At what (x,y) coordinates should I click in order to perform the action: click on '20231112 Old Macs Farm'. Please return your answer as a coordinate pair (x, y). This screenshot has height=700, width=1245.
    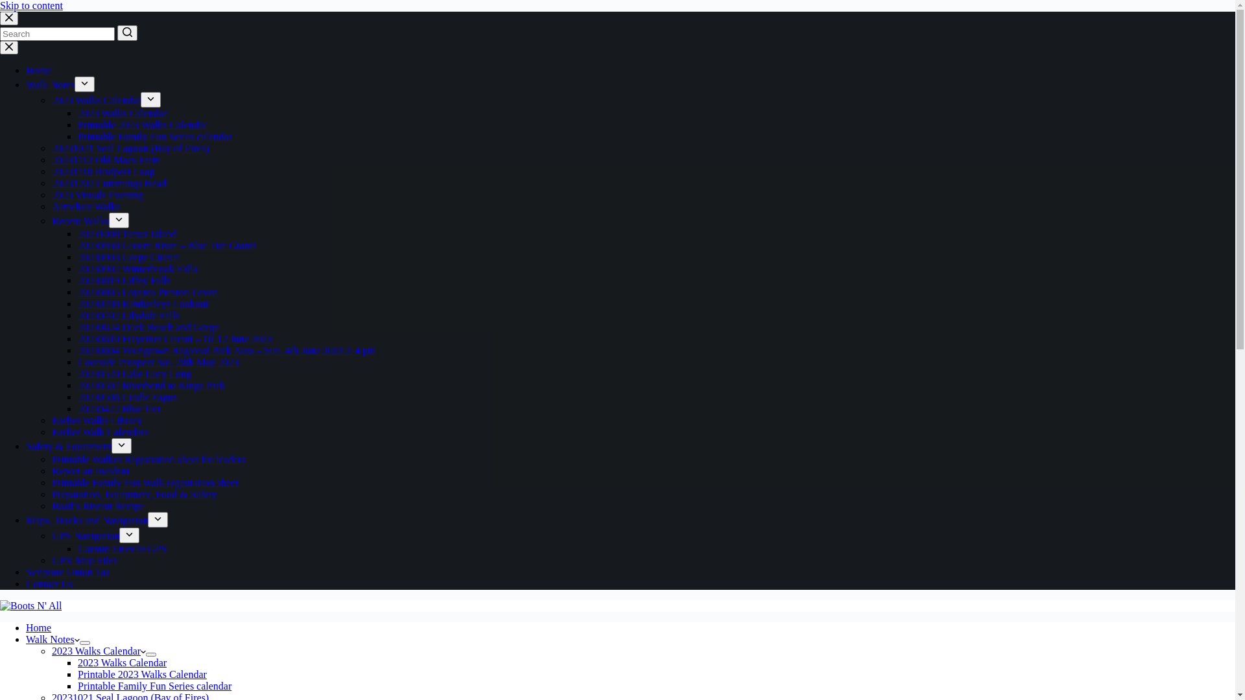
    Looking at the image, I should click on (106, 159).